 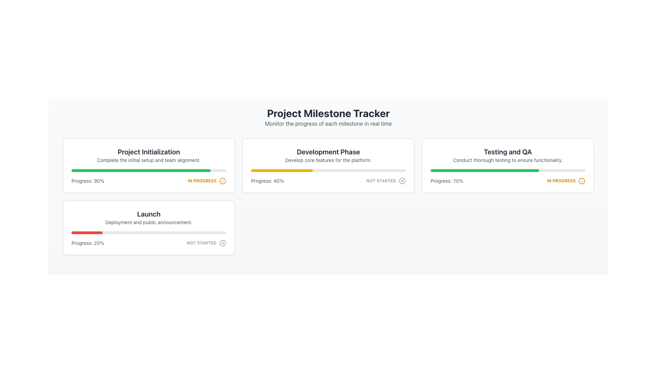 I want to click on the progress bar located in the 'Launch' section below 'Deployment and public announcement' and above 'Progress: 20%'. This progress bar is uniquely identifiable by its light gray background and filled red segment indicating progress, so click(x=148, y=233).